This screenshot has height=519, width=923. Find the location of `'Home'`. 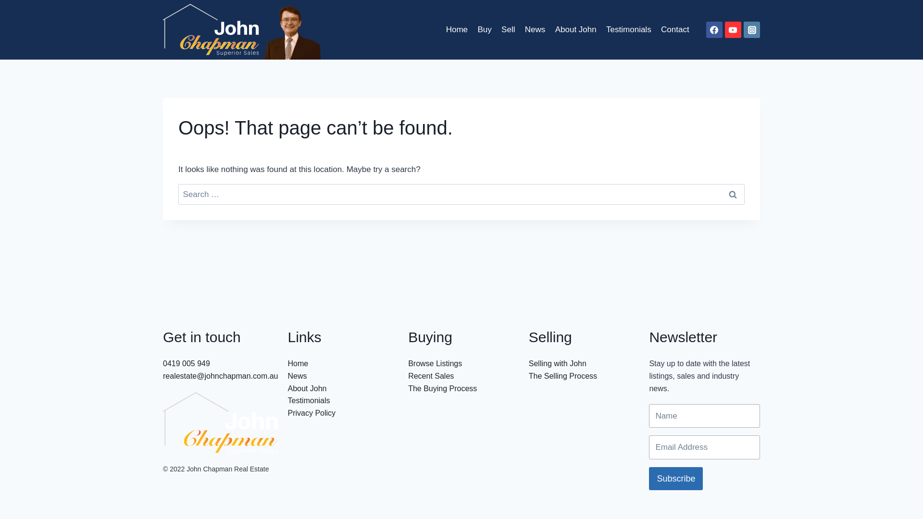

'Home' is located at coordinates (456, 29).